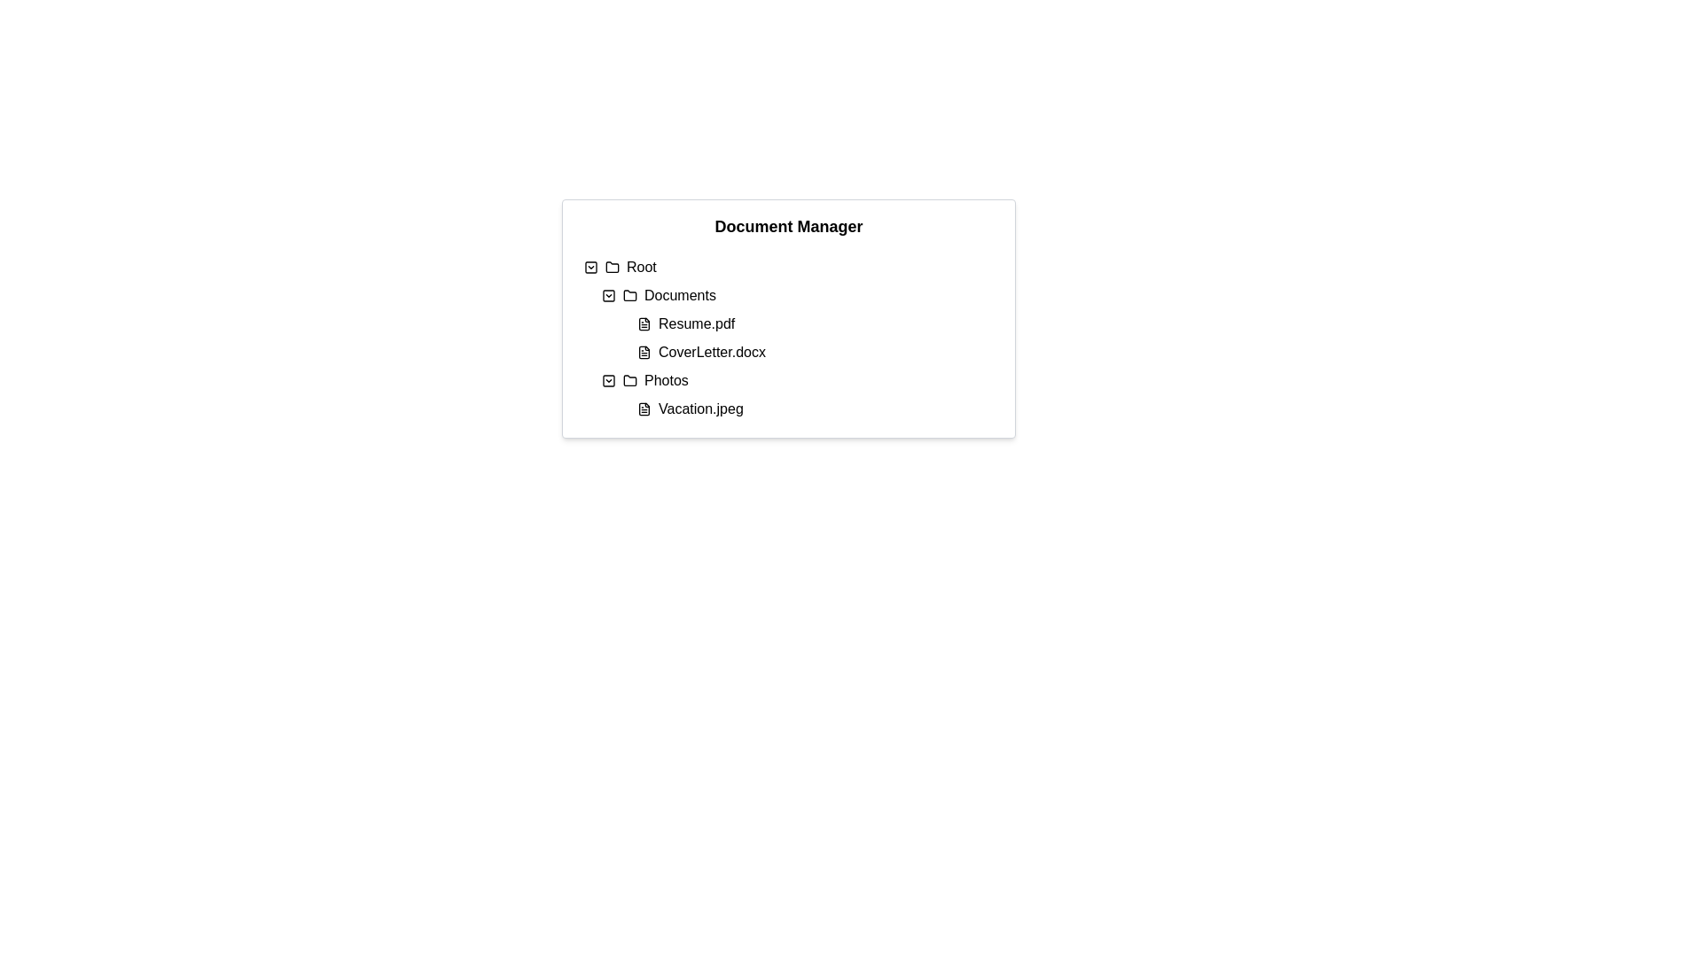  What do you see at coordinates (640, 267) in the screenshot?
I see `the text label that identifies the main folder for the system, located under the 'Document Manager' heading and aligned with the folder icon` at bounding box center [640, 267].